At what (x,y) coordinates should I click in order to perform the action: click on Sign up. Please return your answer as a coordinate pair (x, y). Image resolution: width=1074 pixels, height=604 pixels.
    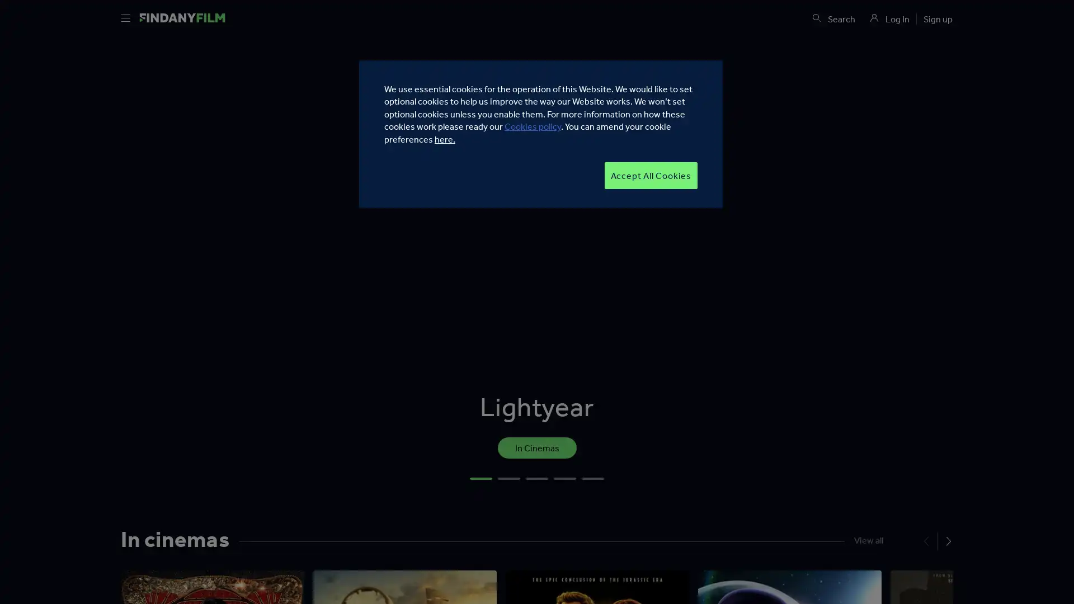
    Looking at the image, I should click on (938, 19).